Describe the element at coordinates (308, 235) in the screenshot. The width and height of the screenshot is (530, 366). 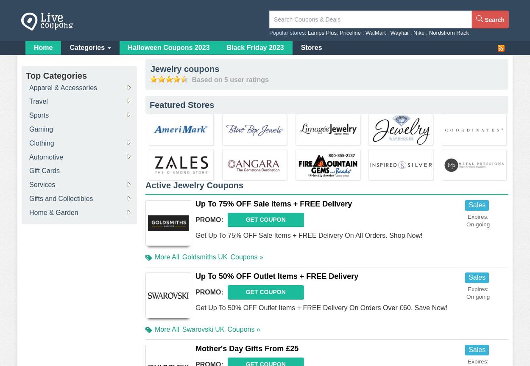
I see `'Get Up To 75% OFF Sale Items + FREE Delivery On All Orders. Shop Now!'` at that location.